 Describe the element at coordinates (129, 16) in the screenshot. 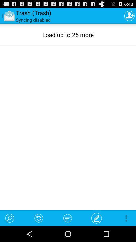

I see `the study bible` at that location.